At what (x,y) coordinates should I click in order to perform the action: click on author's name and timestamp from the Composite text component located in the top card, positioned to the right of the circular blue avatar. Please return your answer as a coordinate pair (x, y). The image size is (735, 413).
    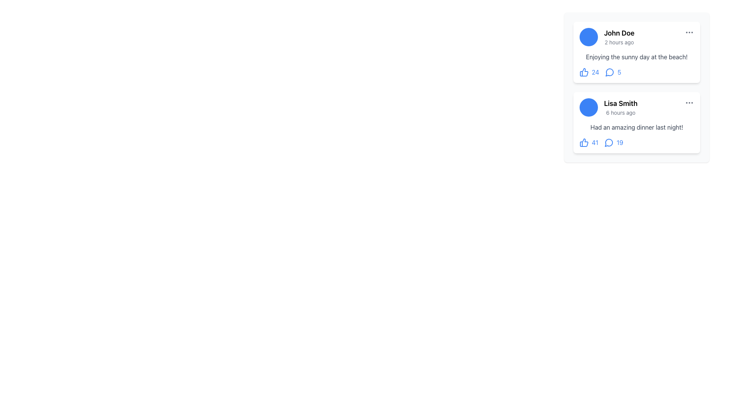
    Looking at the image, I should click on (619, 37).